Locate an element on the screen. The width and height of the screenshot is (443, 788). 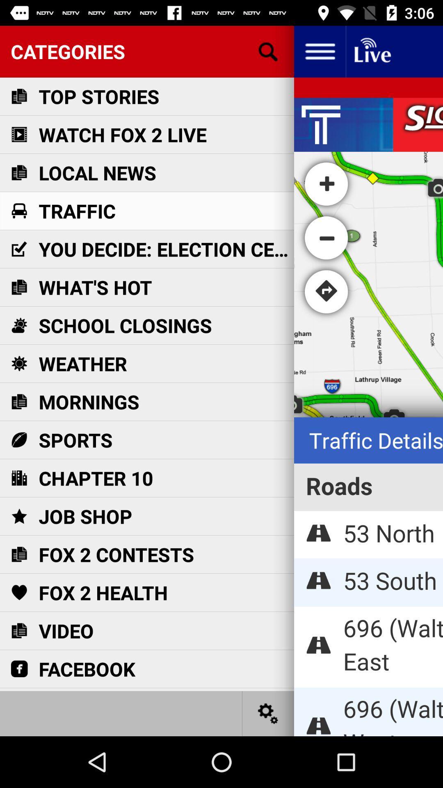
the settings icon below facebook is located at coordinates (268, 713).